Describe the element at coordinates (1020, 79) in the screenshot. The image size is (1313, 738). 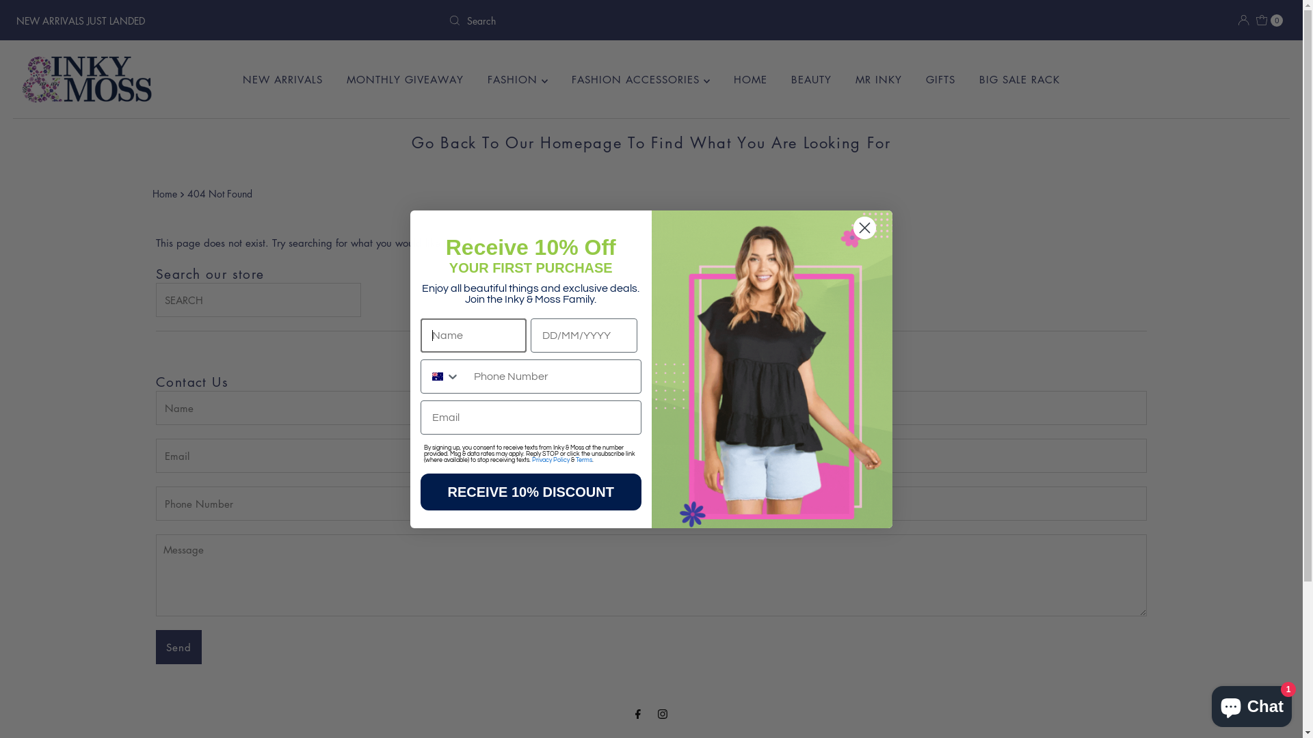
I see `'BIG SALE RACK'` at that location.